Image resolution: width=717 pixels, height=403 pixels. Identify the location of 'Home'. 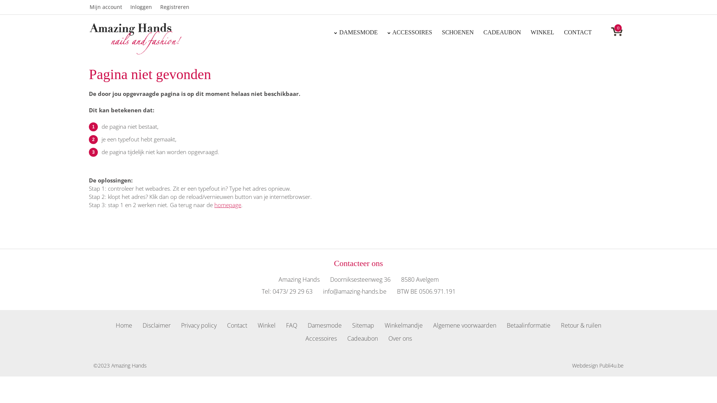
(124, 324).